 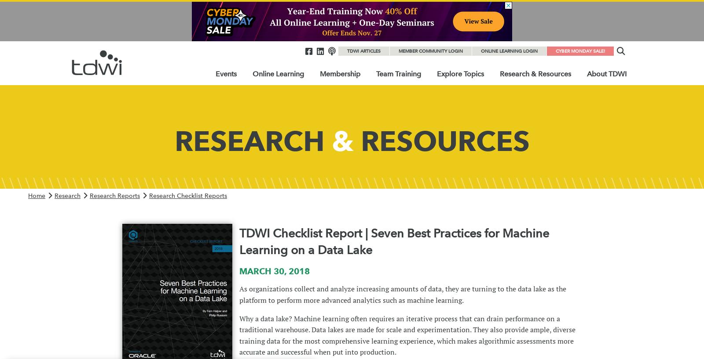 I want to click on 'Instructors', so click(x=377, y=143).